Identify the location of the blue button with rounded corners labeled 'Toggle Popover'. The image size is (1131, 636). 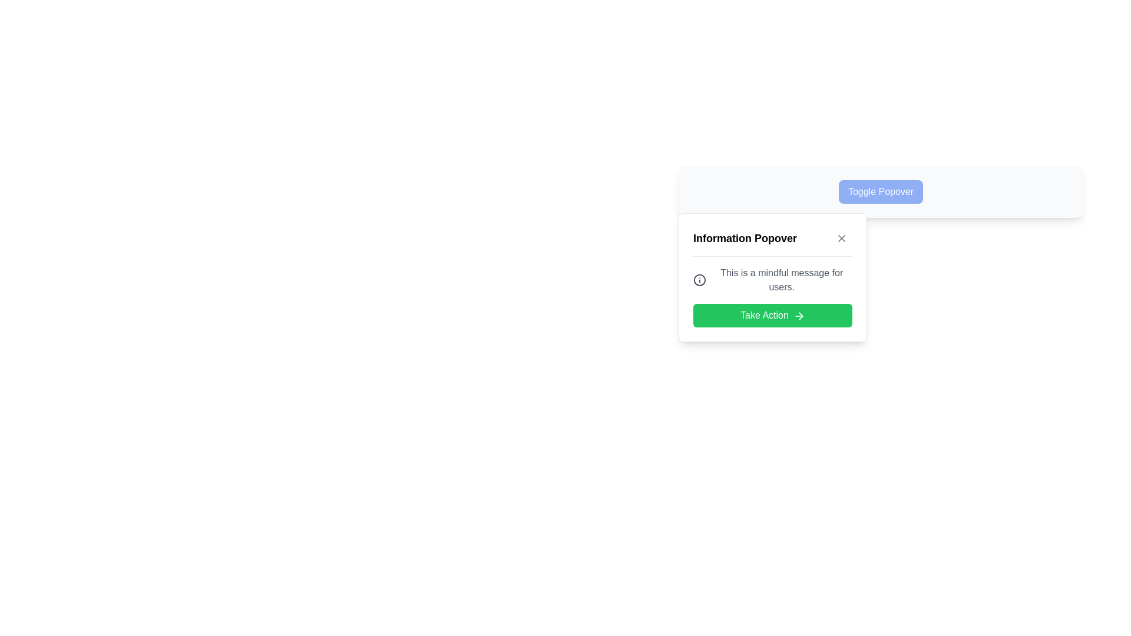
(881, 191).